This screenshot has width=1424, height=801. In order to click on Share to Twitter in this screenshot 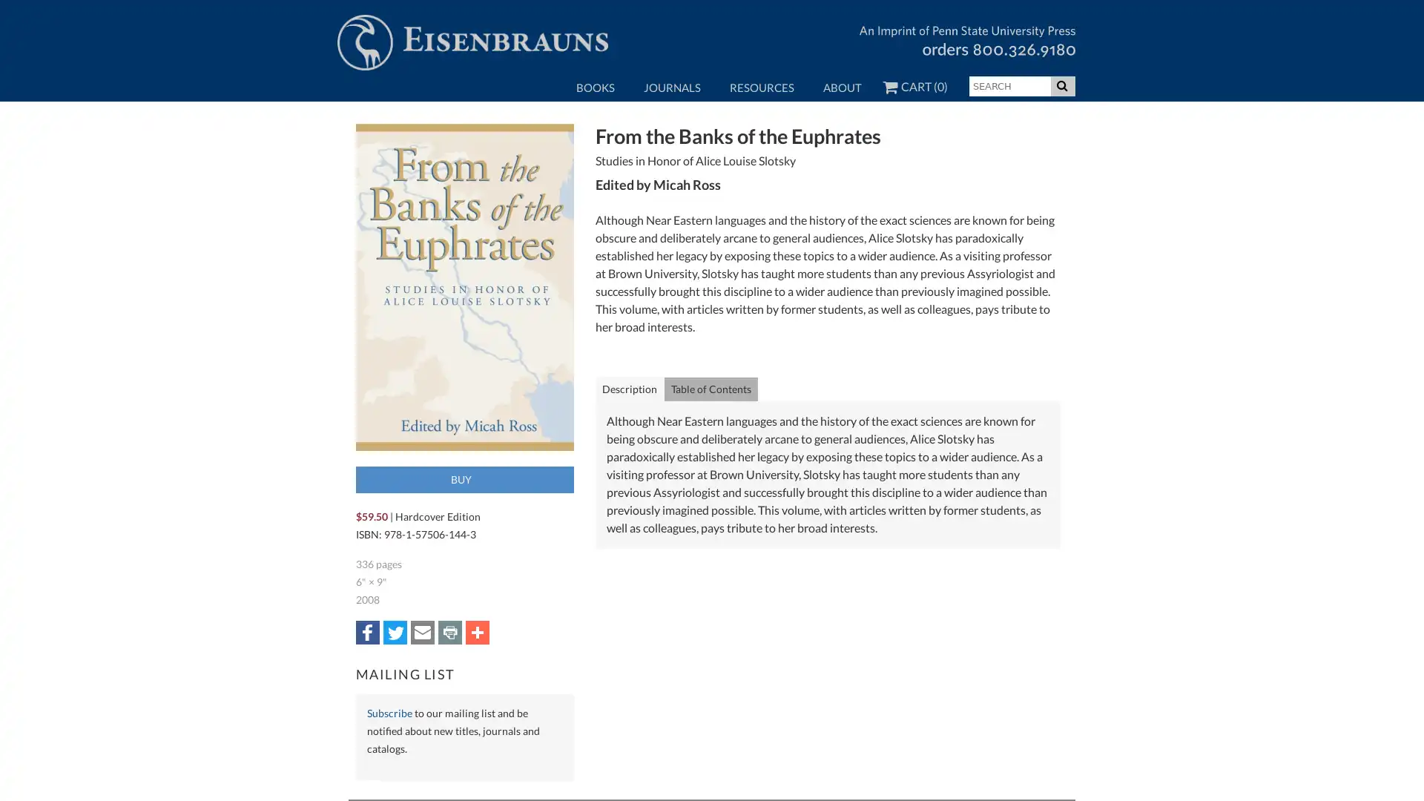, I will do `click(395, 632)`.